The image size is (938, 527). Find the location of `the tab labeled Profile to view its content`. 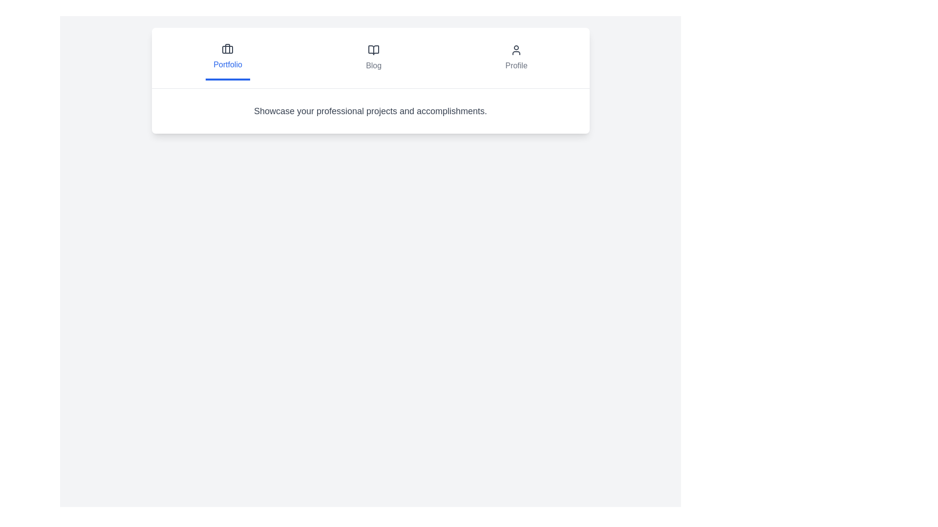

the tab labeled Profile to view its content is located at coordinates (516, 58).